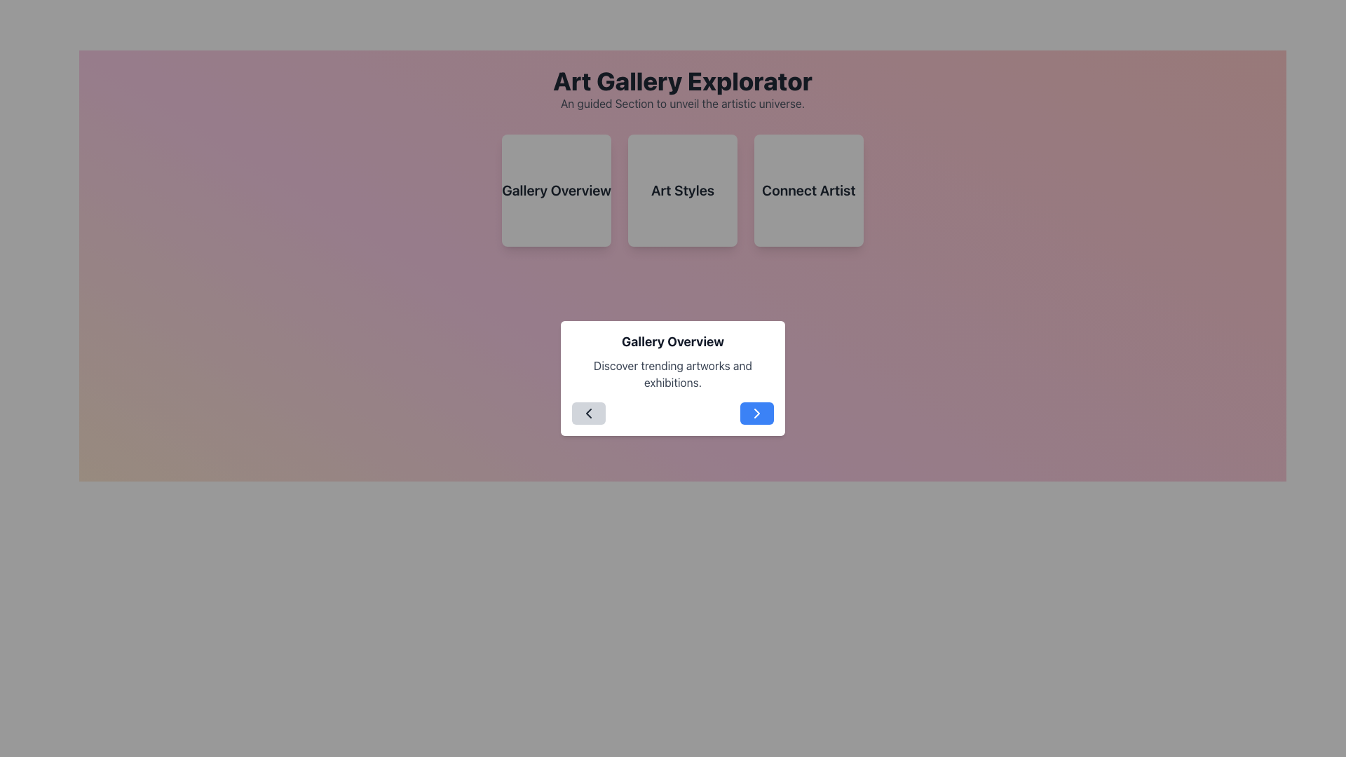  I want to click on the Text Display - Header element titled 'Art Gallery Explorator', which is prominently styled in a large bold font and centered at the top of the interface, so click(683, 81).